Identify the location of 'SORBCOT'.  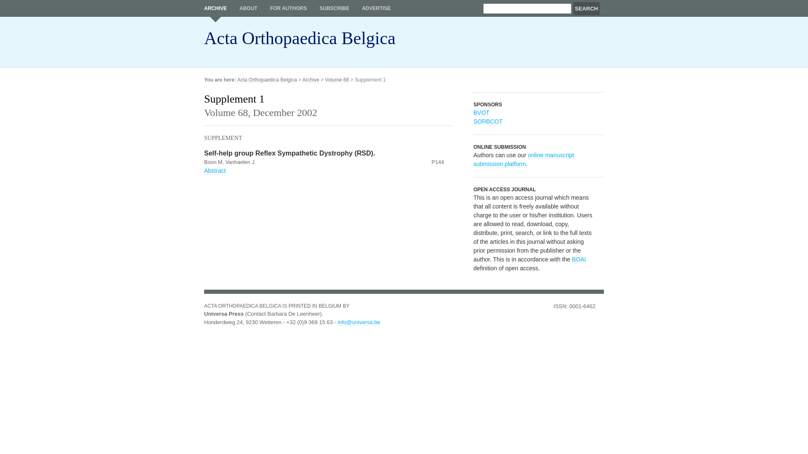
(488, 121).